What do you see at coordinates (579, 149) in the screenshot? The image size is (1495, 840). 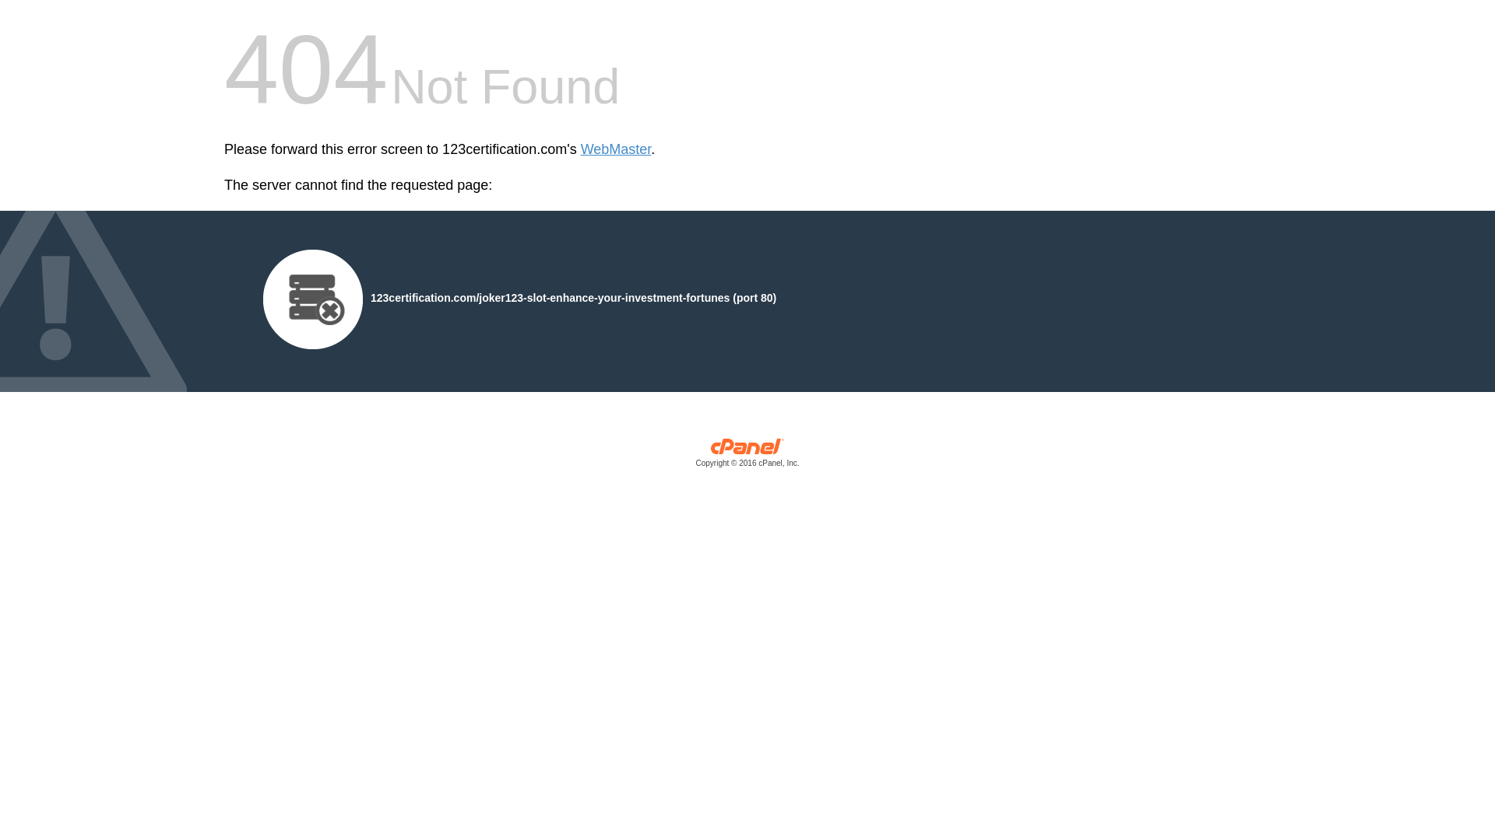 I see `'WebMaster'` at bounding box center [579, 149].